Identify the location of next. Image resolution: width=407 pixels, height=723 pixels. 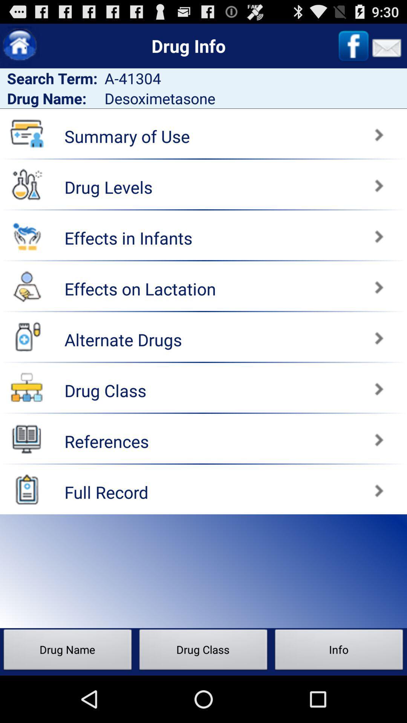
(307, 334).